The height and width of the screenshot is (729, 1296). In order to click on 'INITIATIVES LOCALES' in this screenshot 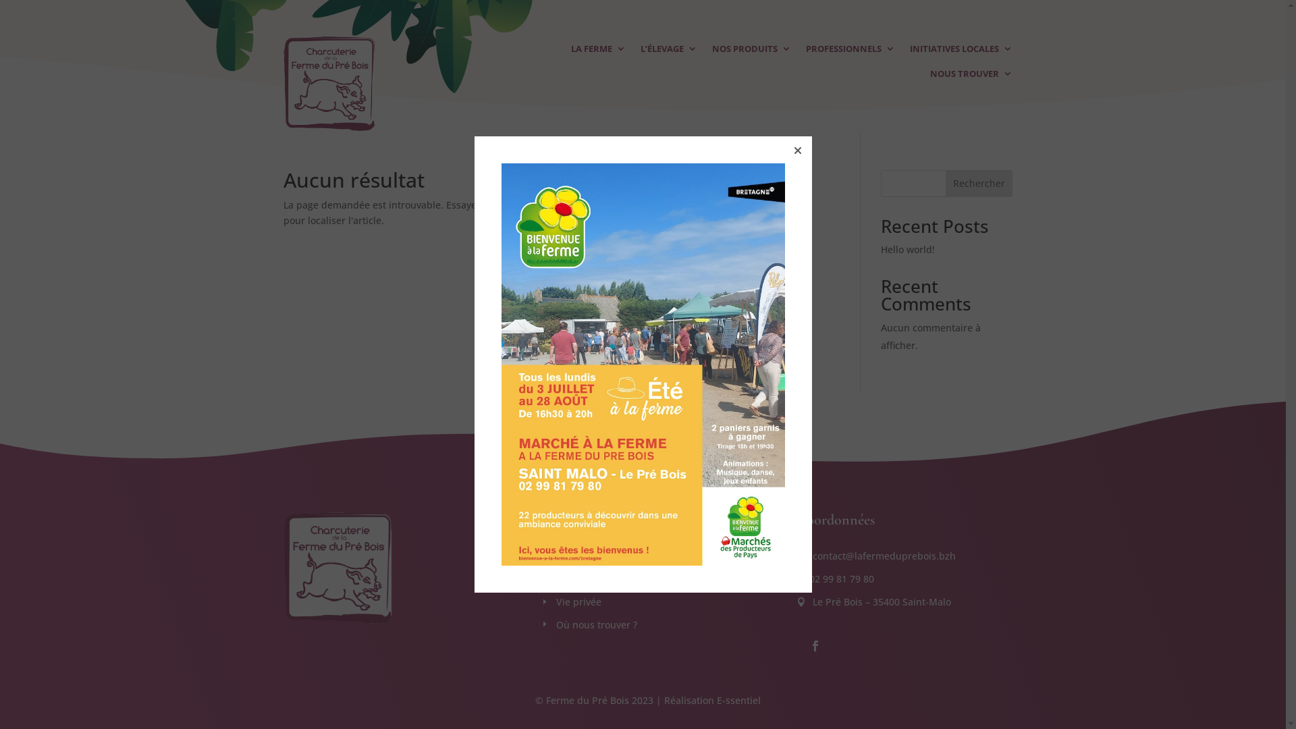, I will do `click(961, 51)`.